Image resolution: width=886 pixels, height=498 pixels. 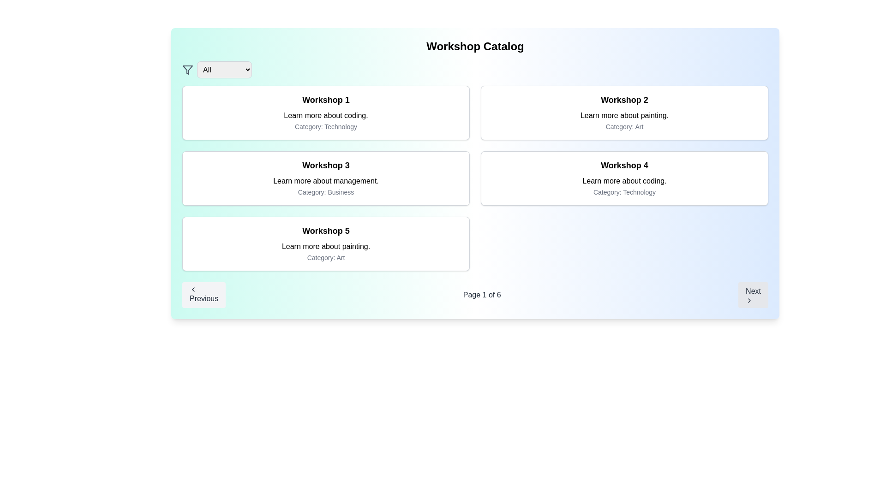 What do you see at coordinates (624, 191) in the screenshot?
I see `the Text label indicating the category 'Technology' located in the fourth workshop card, below 'Learn more about coding.'` at bounding box center [624, 191].